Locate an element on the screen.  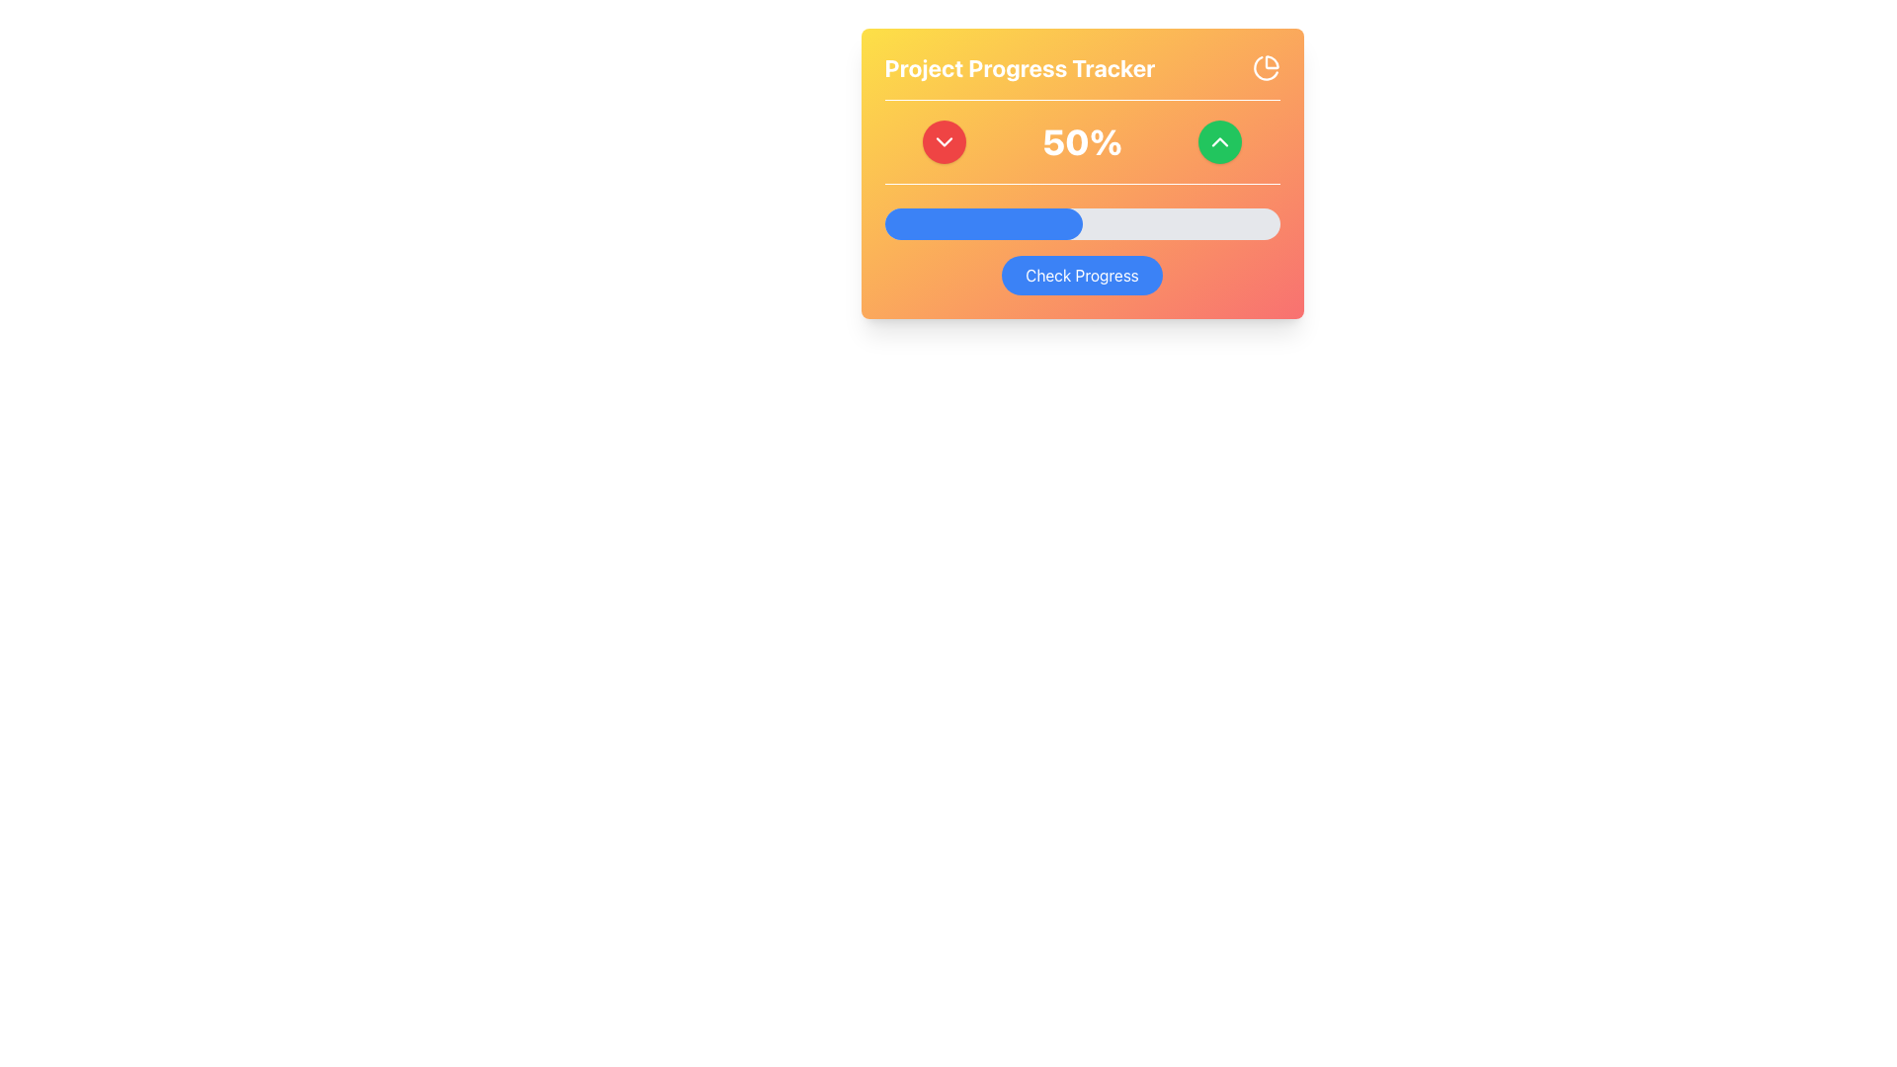
the Decorative SVG graphic (pie-chart slice) located in the top-right corner of the card interface is located at coordinates (1272, 61).